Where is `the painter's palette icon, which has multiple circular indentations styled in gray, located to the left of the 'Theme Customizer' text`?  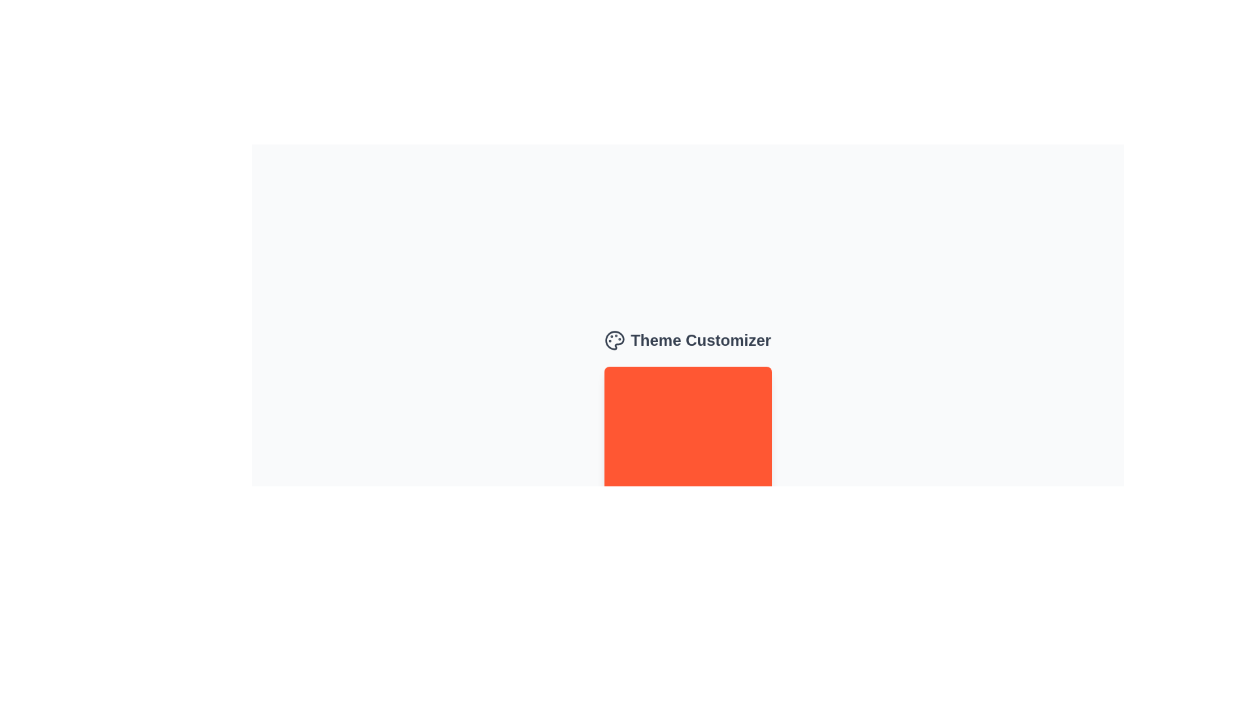
the painter's palette icon, which has multiple circular indentations styled in gray, located to the left of the 'Theme Customizer' text is located at coordinates (614, 339).